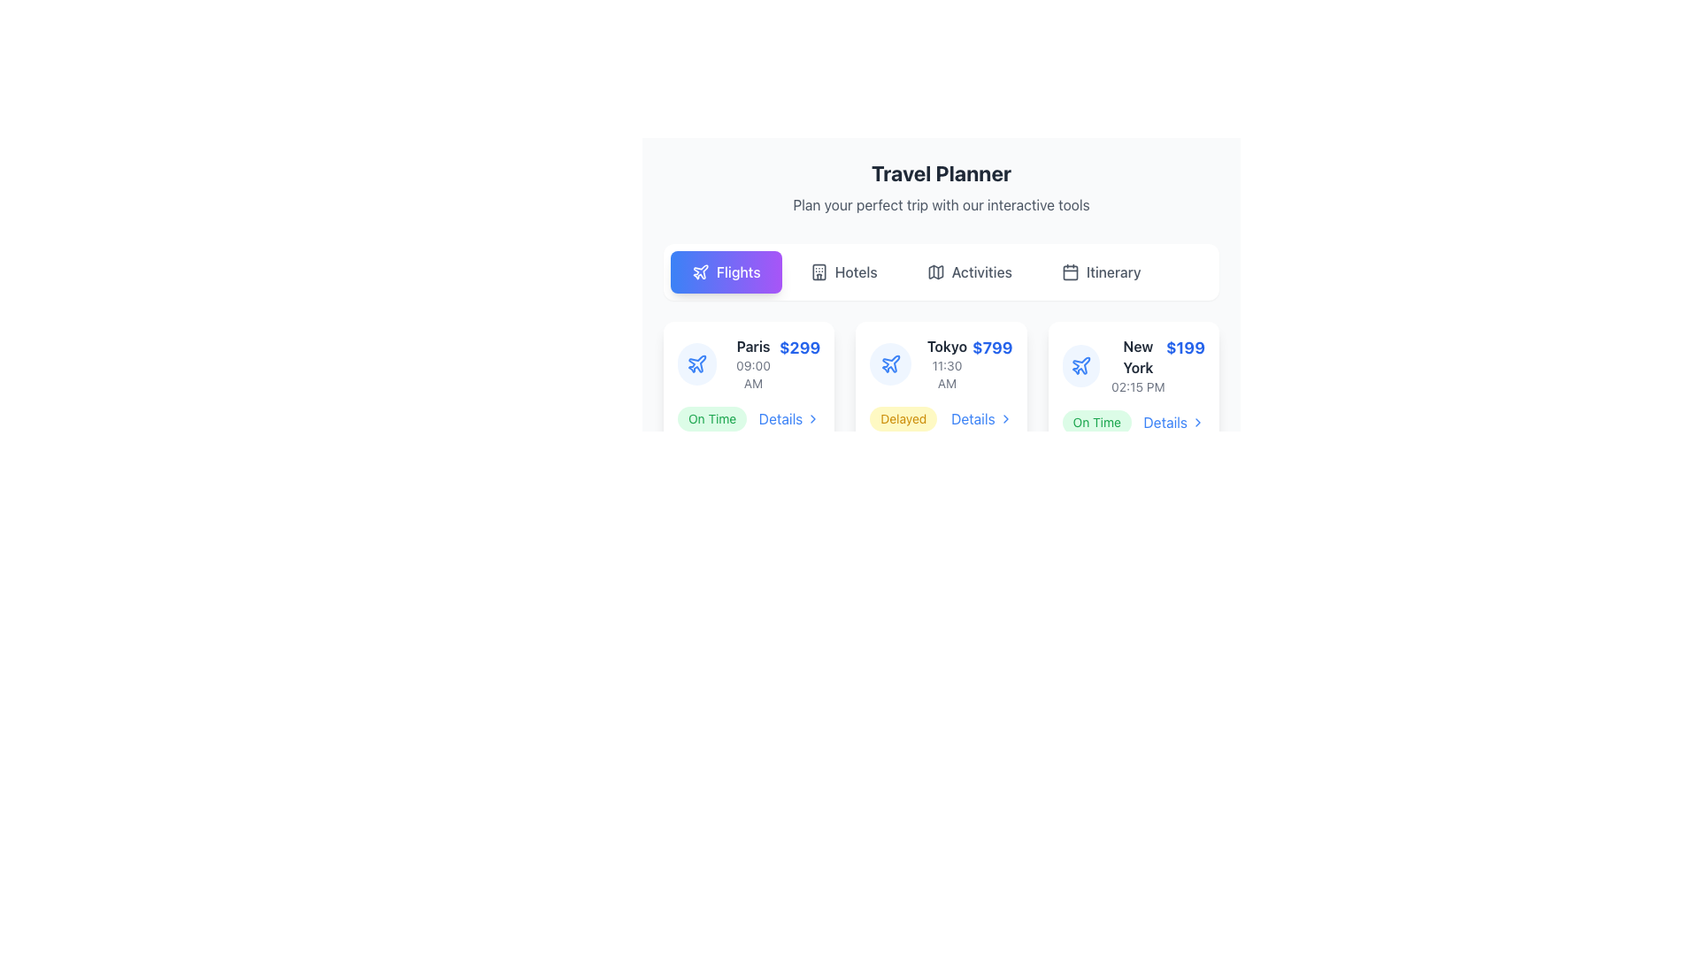 This screenshot has height=955, width=1699. I want to click on the header section titled 'Travel Planner', so click(941, 187).